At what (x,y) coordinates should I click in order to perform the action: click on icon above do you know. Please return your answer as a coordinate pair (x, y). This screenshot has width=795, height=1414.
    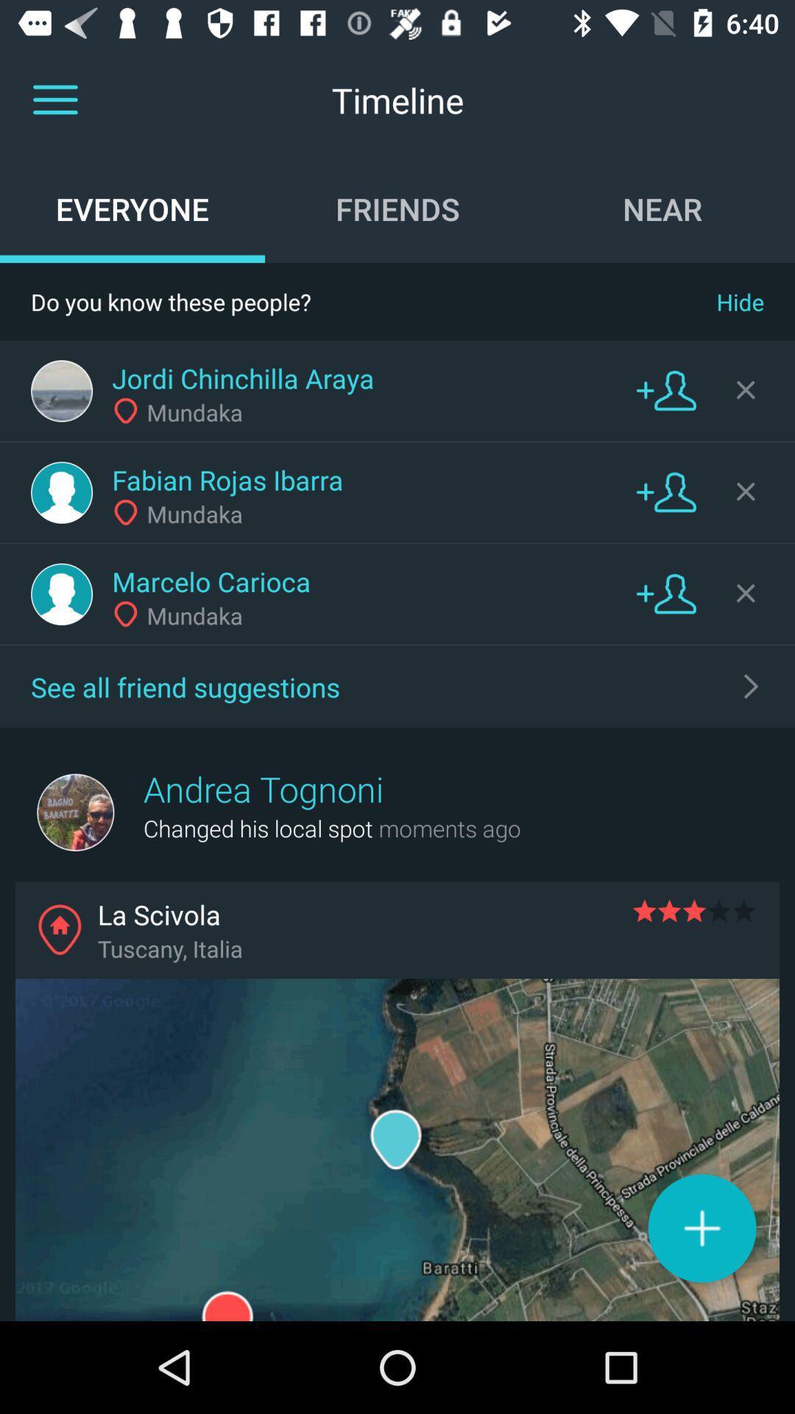
    Looking at the image, I should click on (661, 208).